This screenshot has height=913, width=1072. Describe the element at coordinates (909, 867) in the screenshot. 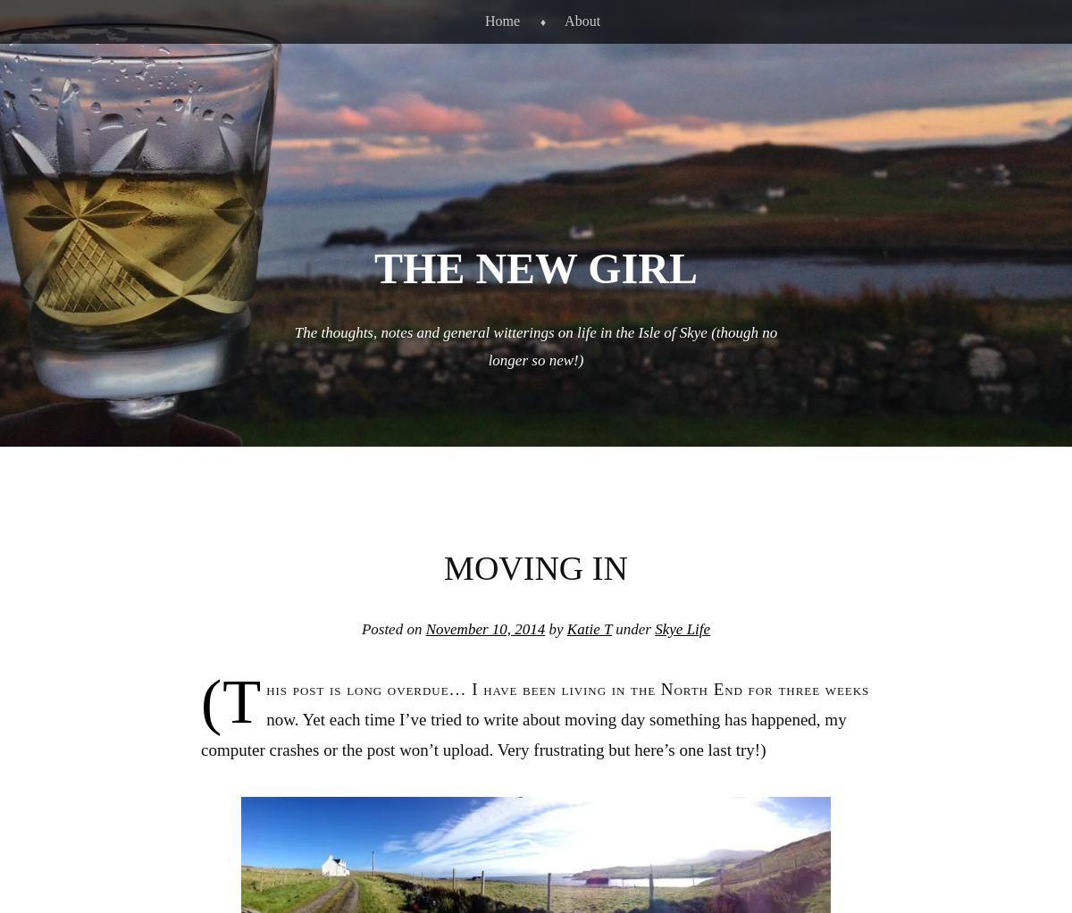

I see `'Comment'` at that location.